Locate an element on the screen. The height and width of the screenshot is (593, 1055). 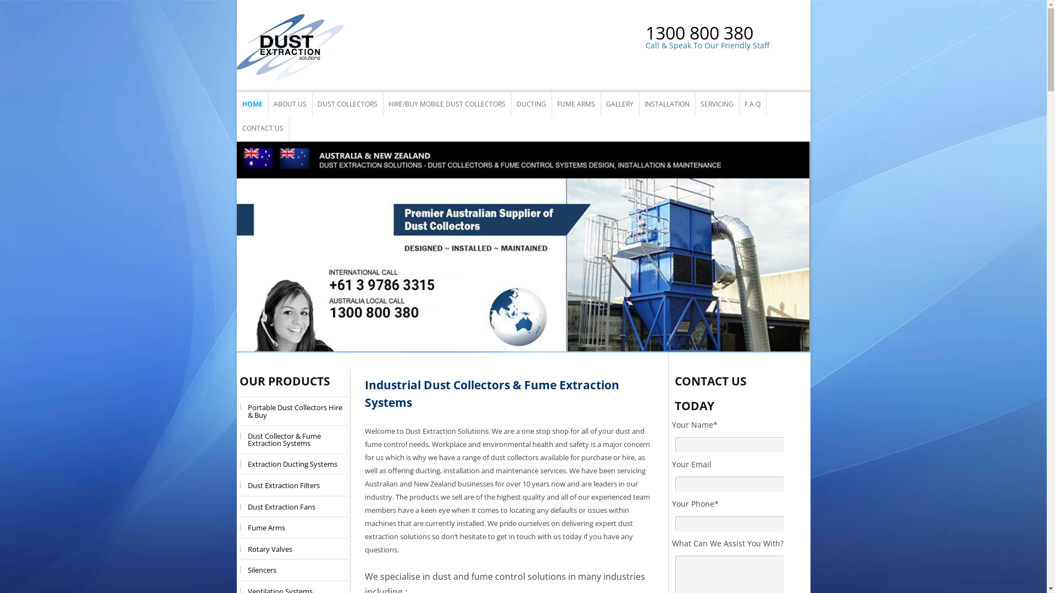
'CONTACT US' is located at coordinates (262, 128).